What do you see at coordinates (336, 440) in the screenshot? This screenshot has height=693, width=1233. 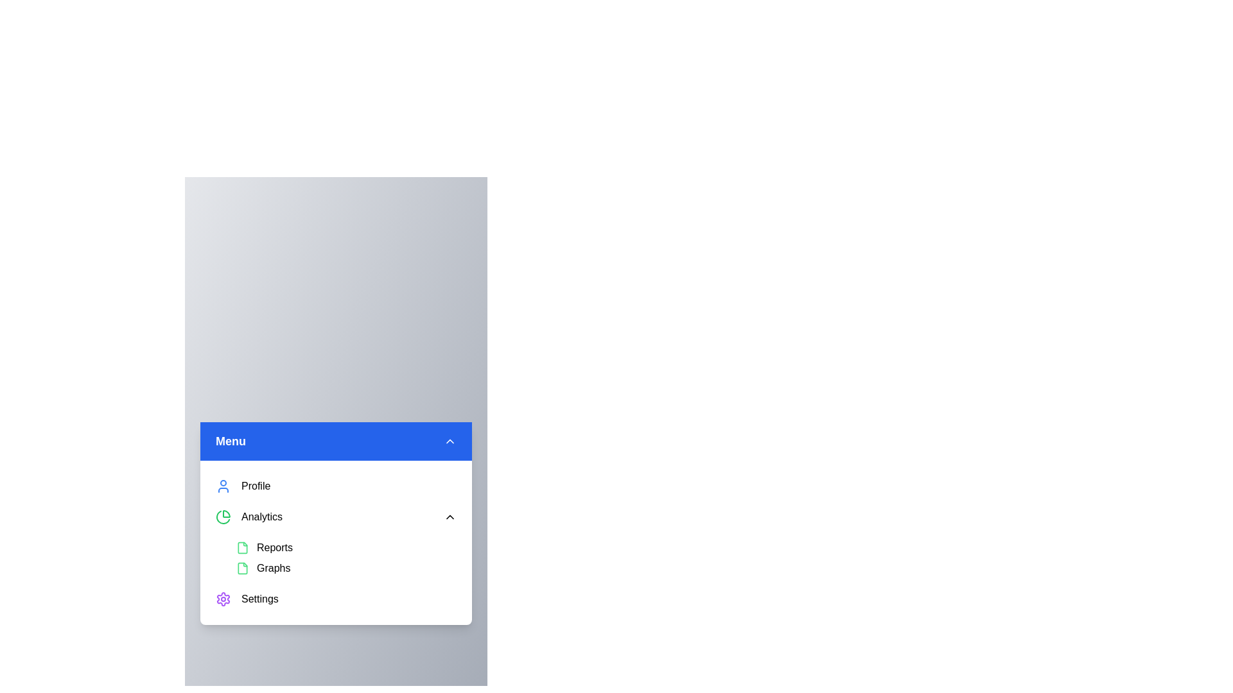 I see `the 'Menu' button at the top of the dropdown menu` at bounding box center [336, 440].